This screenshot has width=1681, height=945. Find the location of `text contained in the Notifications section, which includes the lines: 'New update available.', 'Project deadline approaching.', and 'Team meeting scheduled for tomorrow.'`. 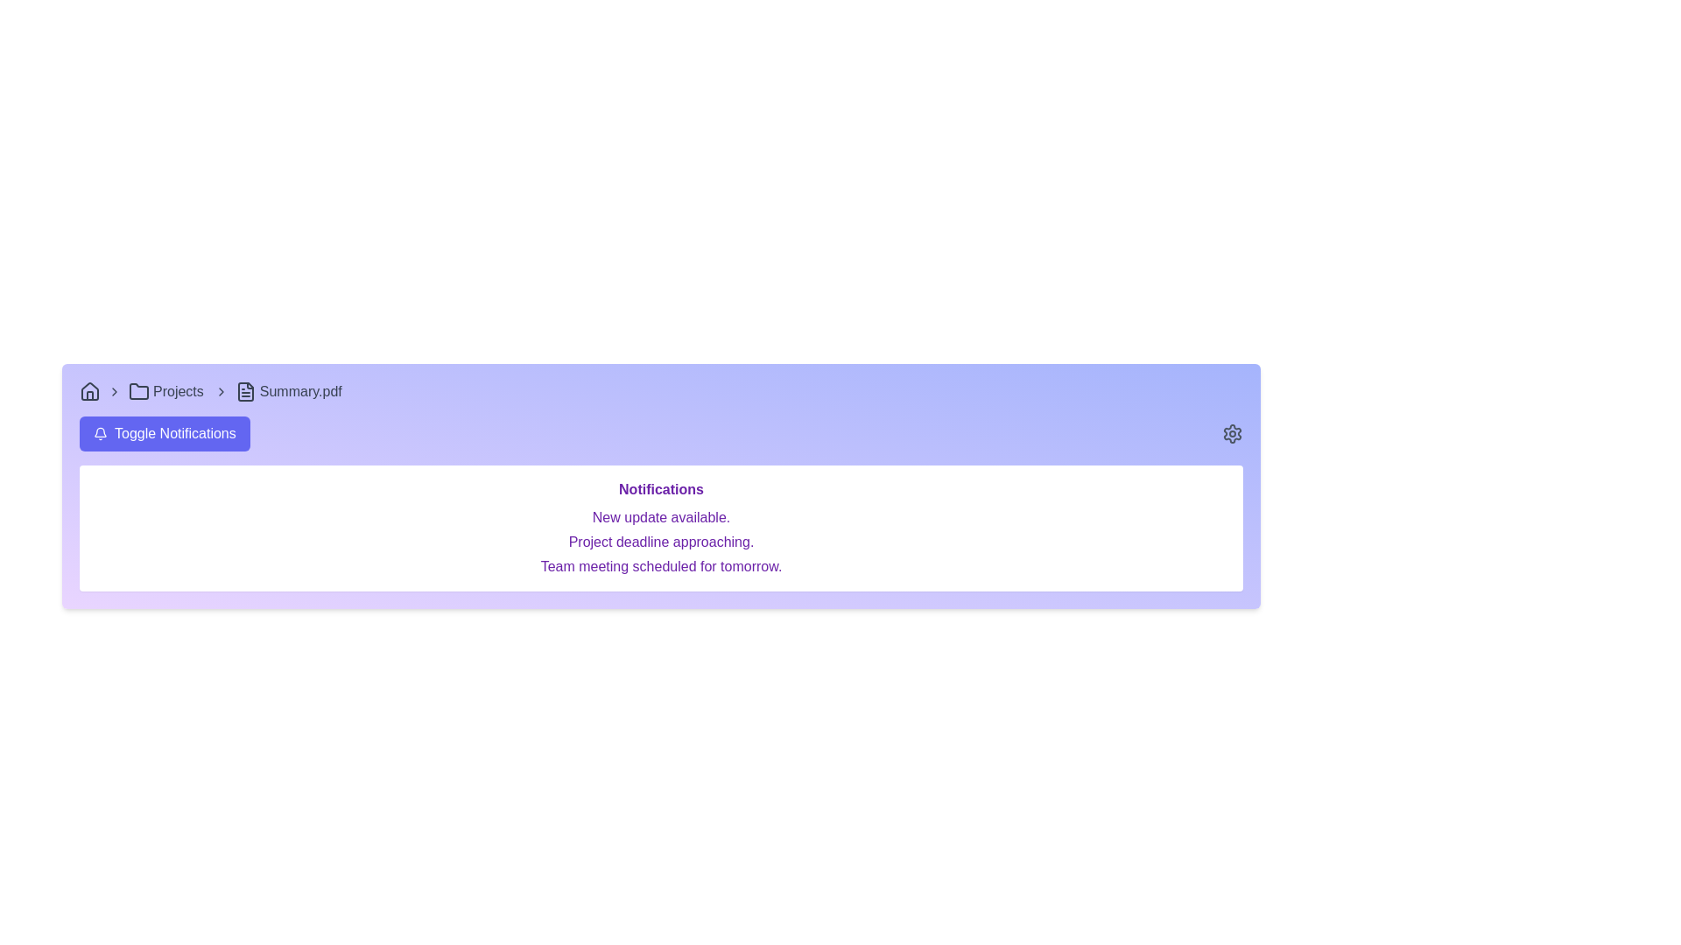

text contained in the Notifications section, which includes the lines: 'New update available.', 'Project deadline approaching.', and 'Team meeting scheduled for tomorrow.' is located at coordinates (660, 542).